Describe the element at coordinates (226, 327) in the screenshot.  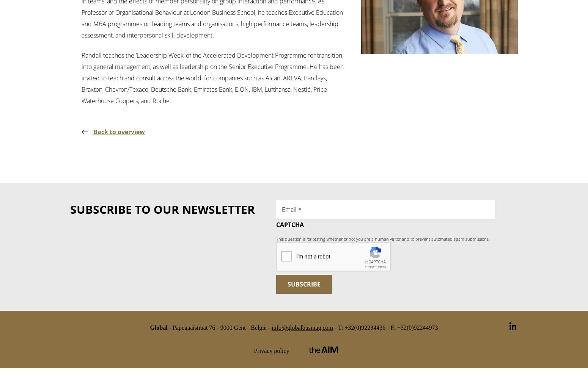
I see `'9000'` at that location.